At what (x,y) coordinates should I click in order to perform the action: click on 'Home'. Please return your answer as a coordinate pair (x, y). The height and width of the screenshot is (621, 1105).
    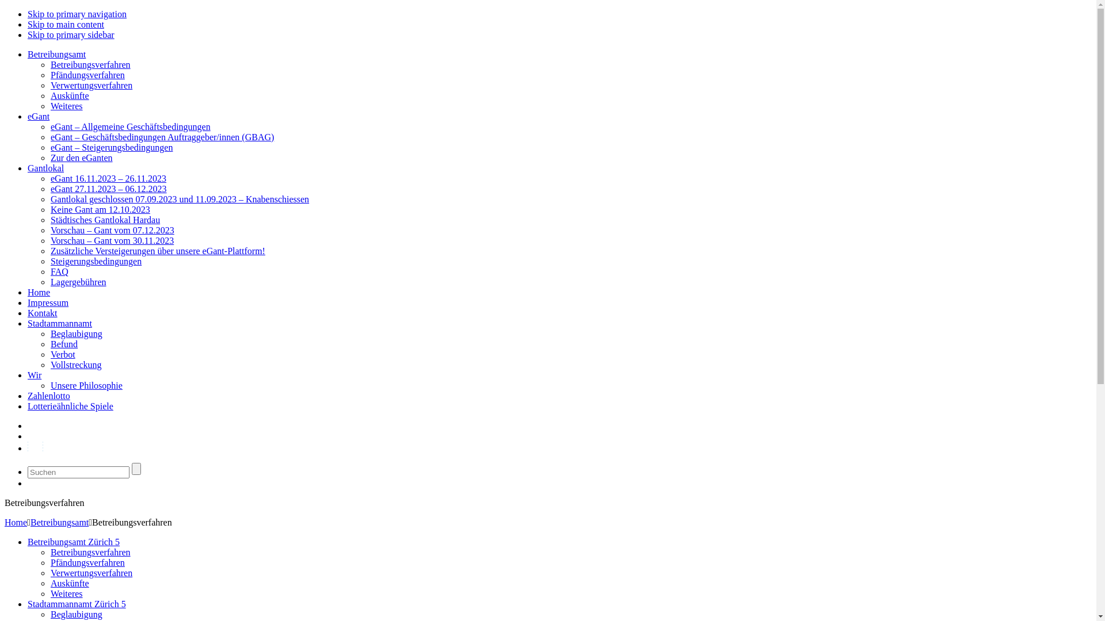
    Looking at the image, I should click on (16, 522).